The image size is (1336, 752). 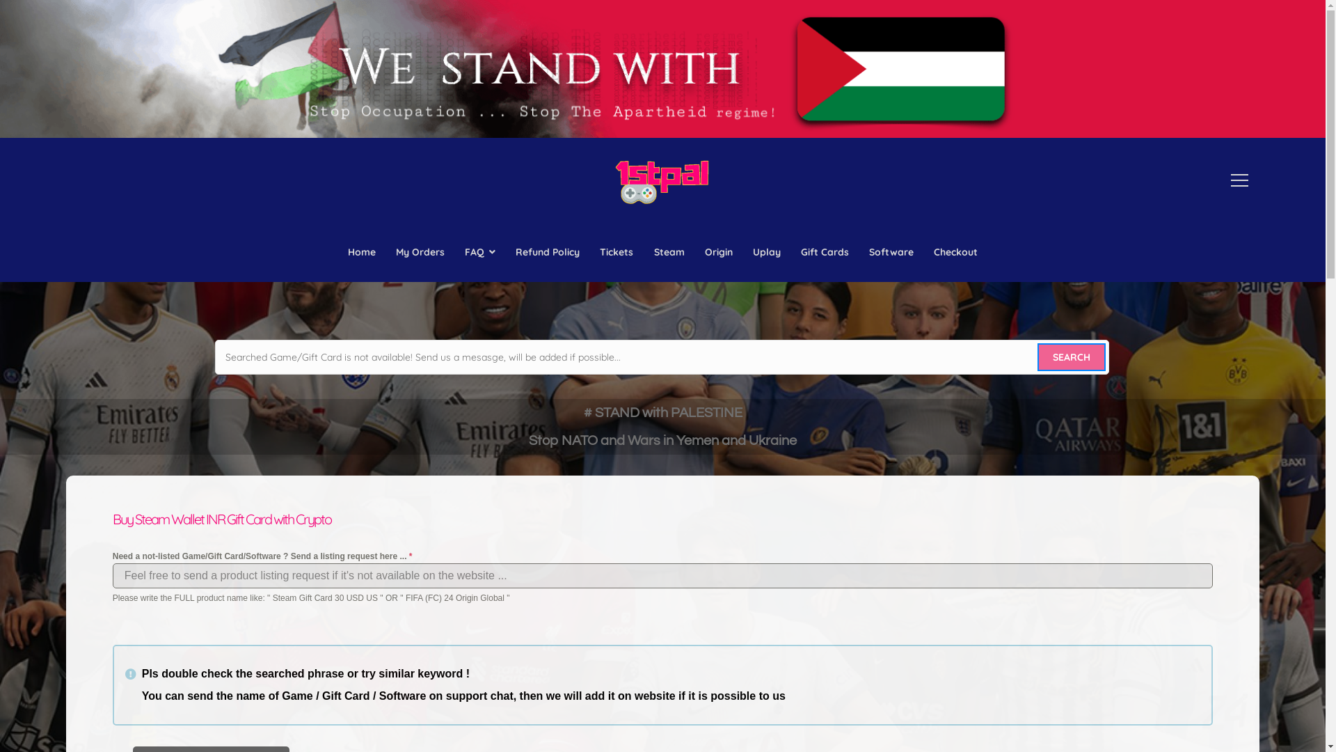 What do you see at coordinates (419, 252) in the screenshot?
I see `'My Orders'` at bounding box center [419, 252].